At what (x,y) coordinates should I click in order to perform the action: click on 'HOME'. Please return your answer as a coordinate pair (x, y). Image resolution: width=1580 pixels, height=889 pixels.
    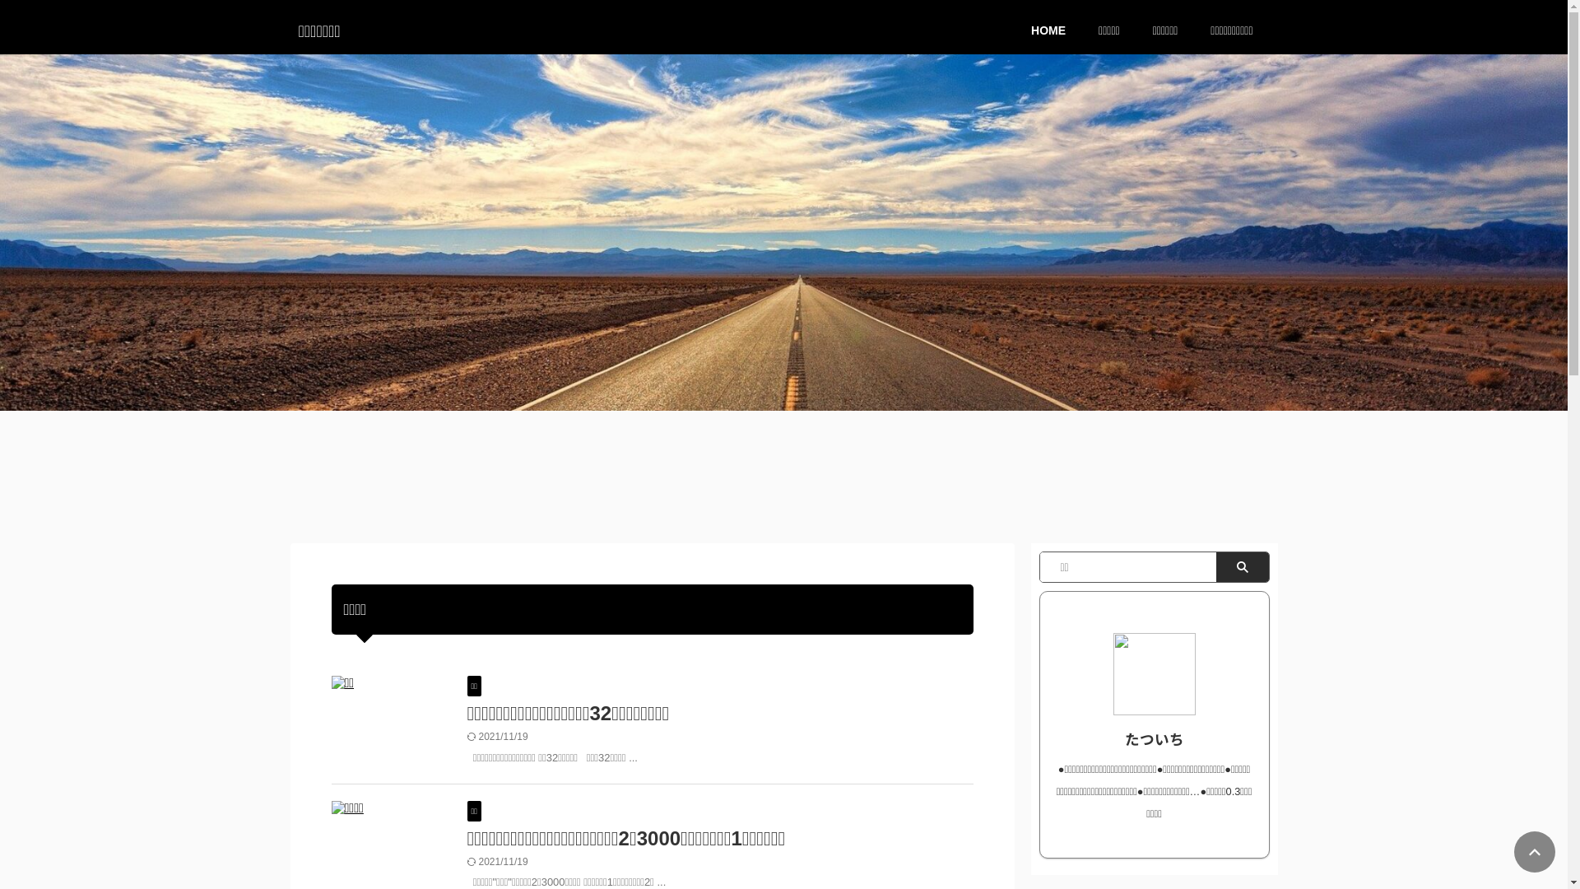
    Looking at the image, I should click on (1029, 29).